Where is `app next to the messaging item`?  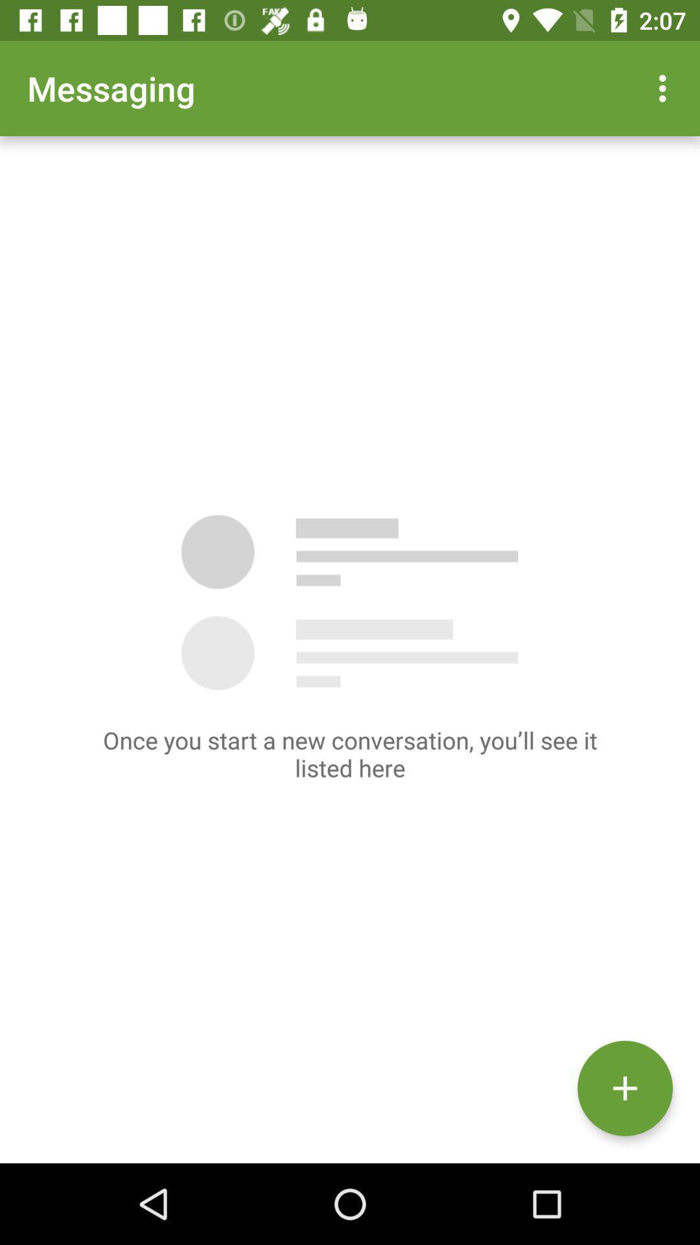 app next to the messaging item is located at coordinates (666, 88).